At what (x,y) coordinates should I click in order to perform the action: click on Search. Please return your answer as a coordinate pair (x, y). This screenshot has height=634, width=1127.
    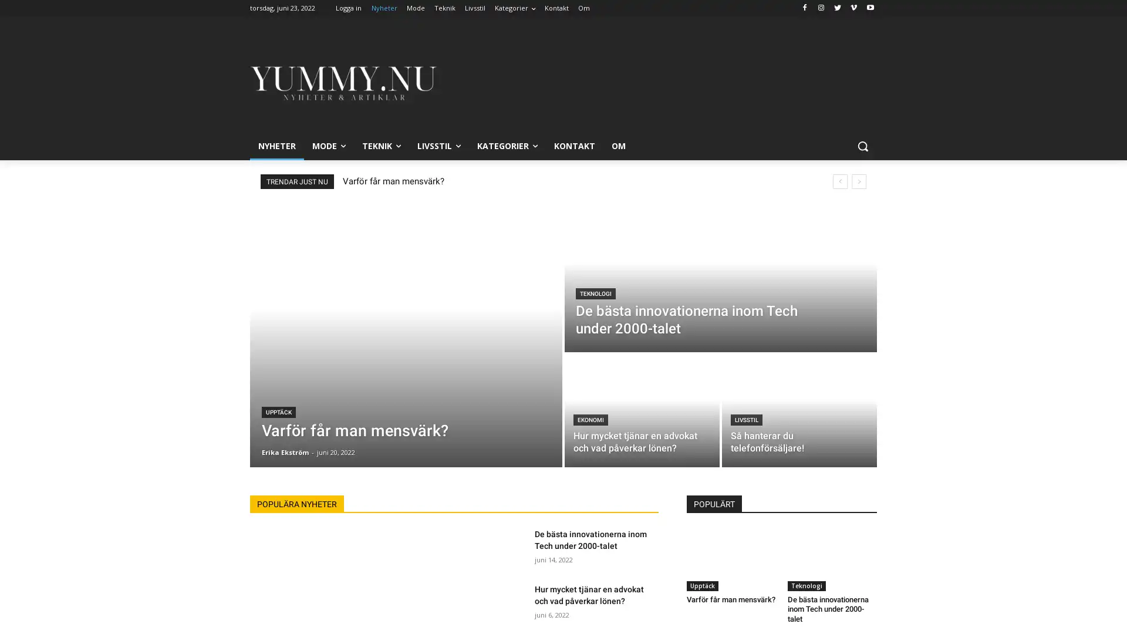
    Looking at the image, I should click on (862, 146).